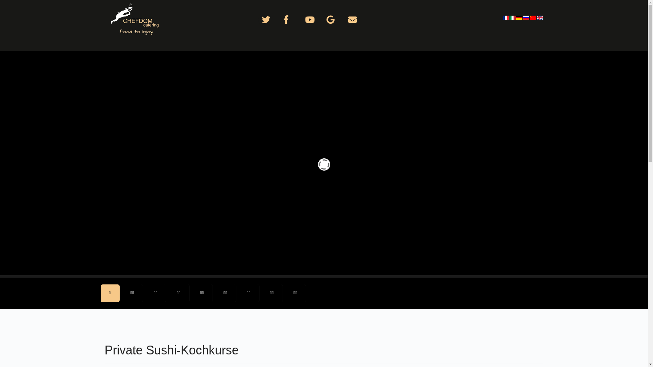 The image size is (653, 367). What do you see at coordinates (540, 17) in the screenshot?
I see `'English (UK) - Home'` at bounding box center [540, 17].